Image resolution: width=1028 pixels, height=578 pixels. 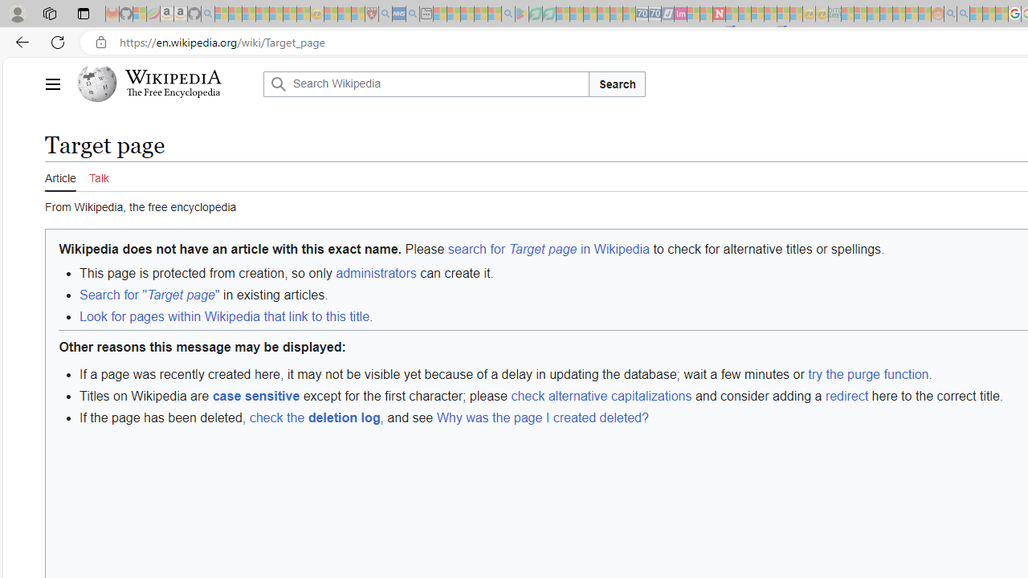 What do you see at coordinates (149, 295) in the screenshot?
I see `'Search for "Target page"'` at bounding box center [149, 295].